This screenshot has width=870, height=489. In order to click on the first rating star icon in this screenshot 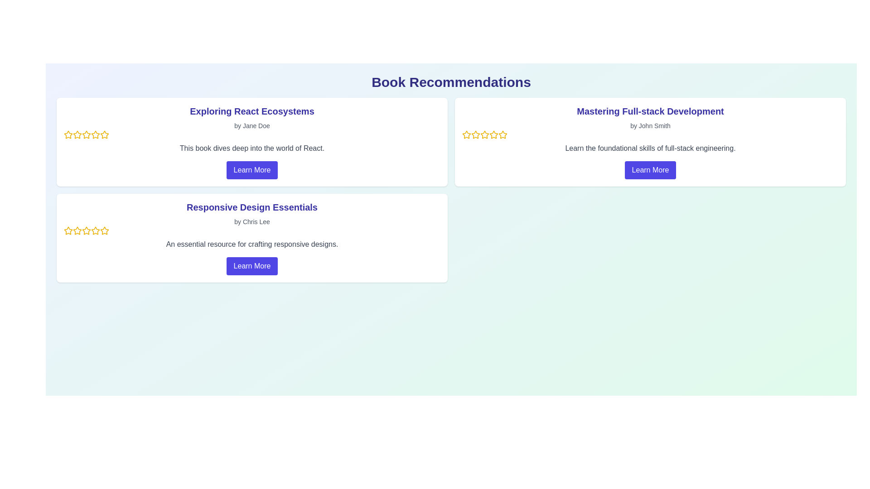, I will do `click(467, 134)`.